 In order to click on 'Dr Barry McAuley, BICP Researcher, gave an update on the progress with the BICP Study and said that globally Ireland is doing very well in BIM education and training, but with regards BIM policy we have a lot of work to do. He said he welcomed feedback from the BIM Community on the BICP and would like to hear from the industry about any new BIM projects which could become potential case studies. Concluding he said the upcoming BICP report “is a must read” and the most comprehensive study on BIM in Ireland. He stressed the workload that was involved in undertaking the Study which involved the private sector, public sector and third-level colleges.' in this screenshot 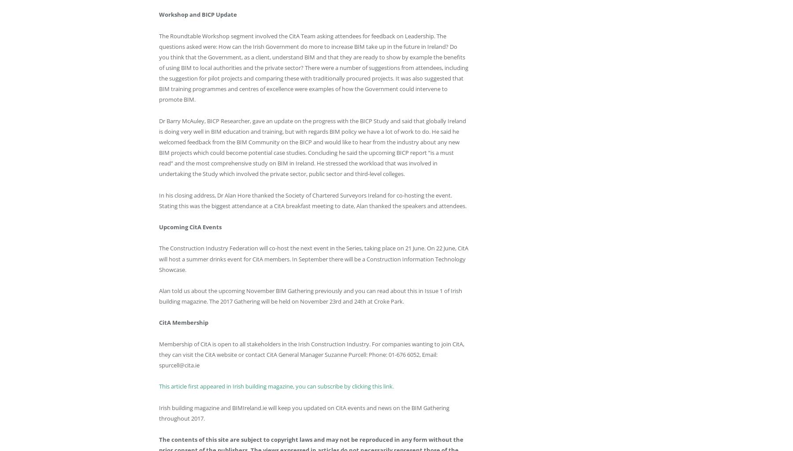, I will do `click(159, 147)`.